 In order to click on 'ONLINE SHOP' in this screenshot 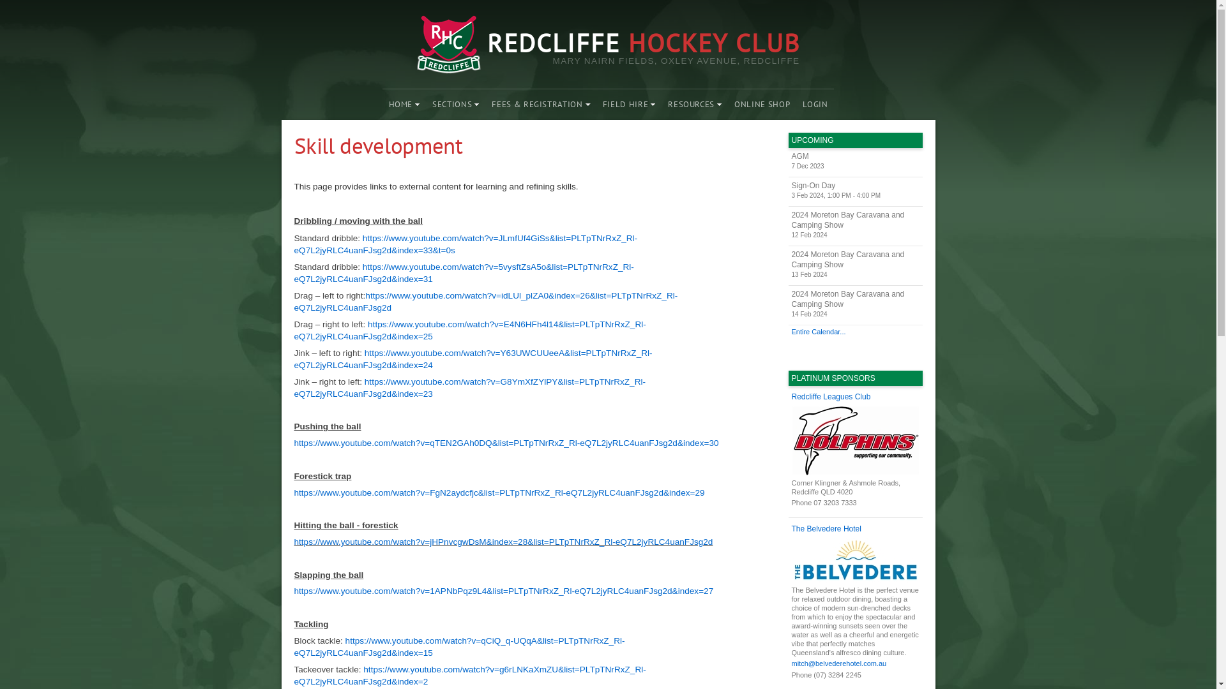, I will do `click(762, 104)`.